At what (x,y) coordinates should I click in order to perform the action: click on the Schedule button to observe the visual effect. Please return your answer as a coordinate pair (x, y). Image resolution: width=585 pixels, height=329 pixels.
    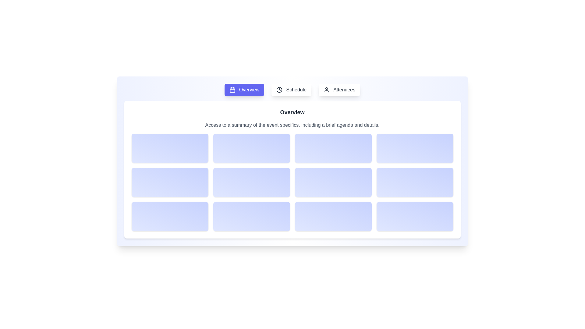
    Looking at the image, I should click on (291, 90).